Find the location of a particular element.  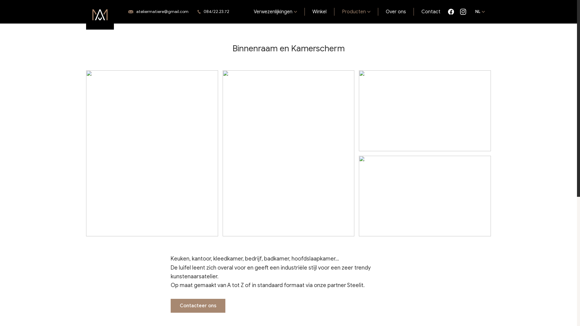

'Bel ons op is located at coordinates (215, 12).